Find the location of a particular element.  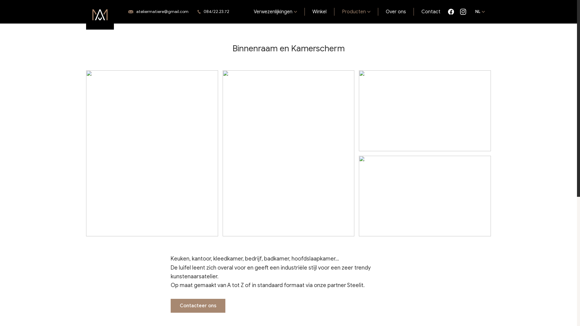

'Bel ons op is located at coordinates (215, 12).